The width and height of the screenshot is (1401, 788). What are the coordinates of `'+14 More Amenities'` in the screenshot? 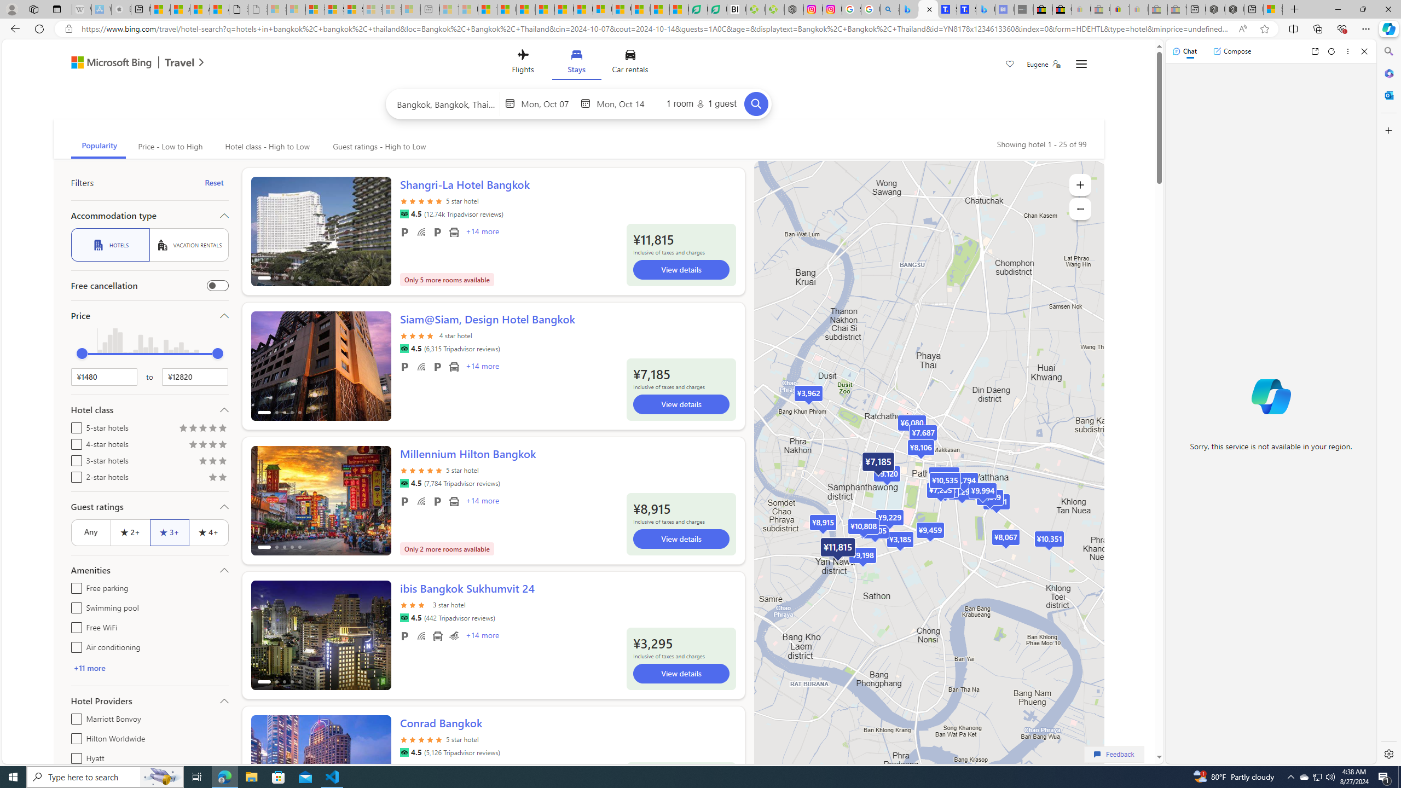 It's located at (482, 636).